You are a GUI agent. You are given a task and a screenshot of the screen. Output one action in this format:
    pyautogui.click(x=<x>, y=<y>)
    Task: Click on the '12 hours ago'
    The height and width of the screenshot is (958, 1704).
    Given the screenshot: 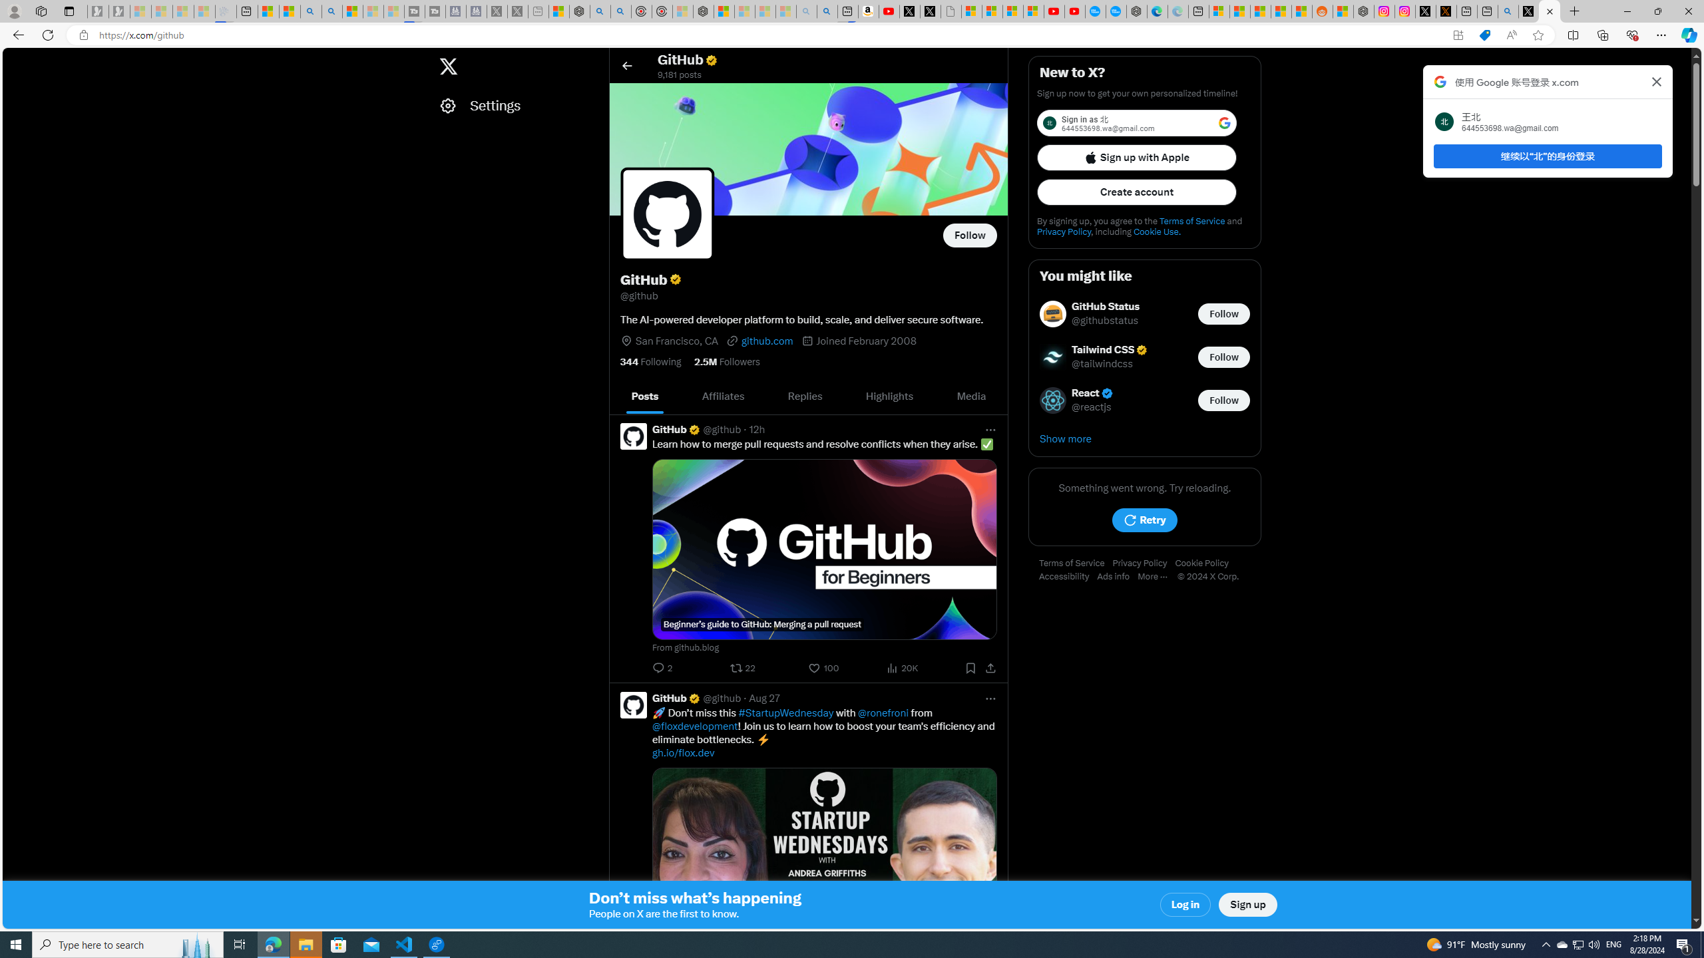 What is the action you would take?
    pyautogui.click(x=756, y=428)
    